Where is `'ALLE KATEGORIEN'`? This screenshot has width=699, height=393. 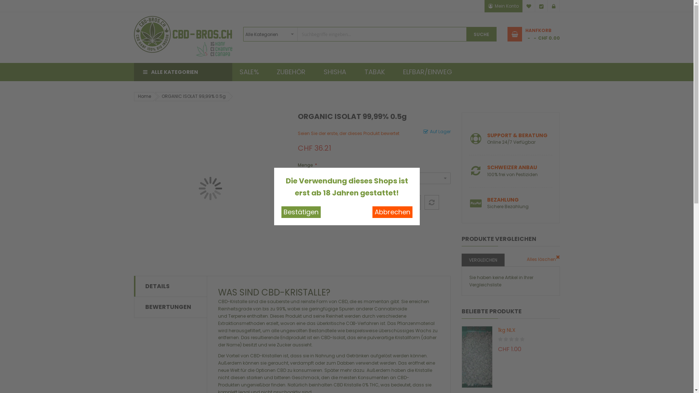 'ALLE KATEGORIEN' is located at coordinates (183, 72).